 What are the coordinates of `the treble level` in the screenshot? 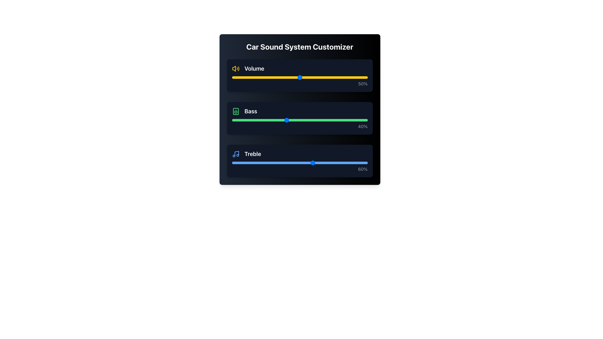 It's located at (318, 163).